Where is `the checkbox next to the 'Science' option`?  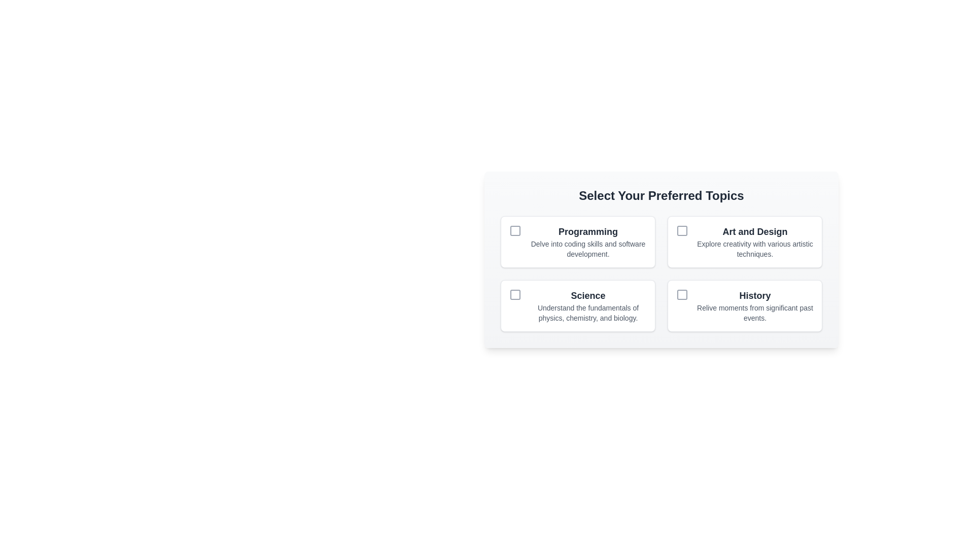 the checkbox next to the 'Science' option is located at coordinates (515, 295).